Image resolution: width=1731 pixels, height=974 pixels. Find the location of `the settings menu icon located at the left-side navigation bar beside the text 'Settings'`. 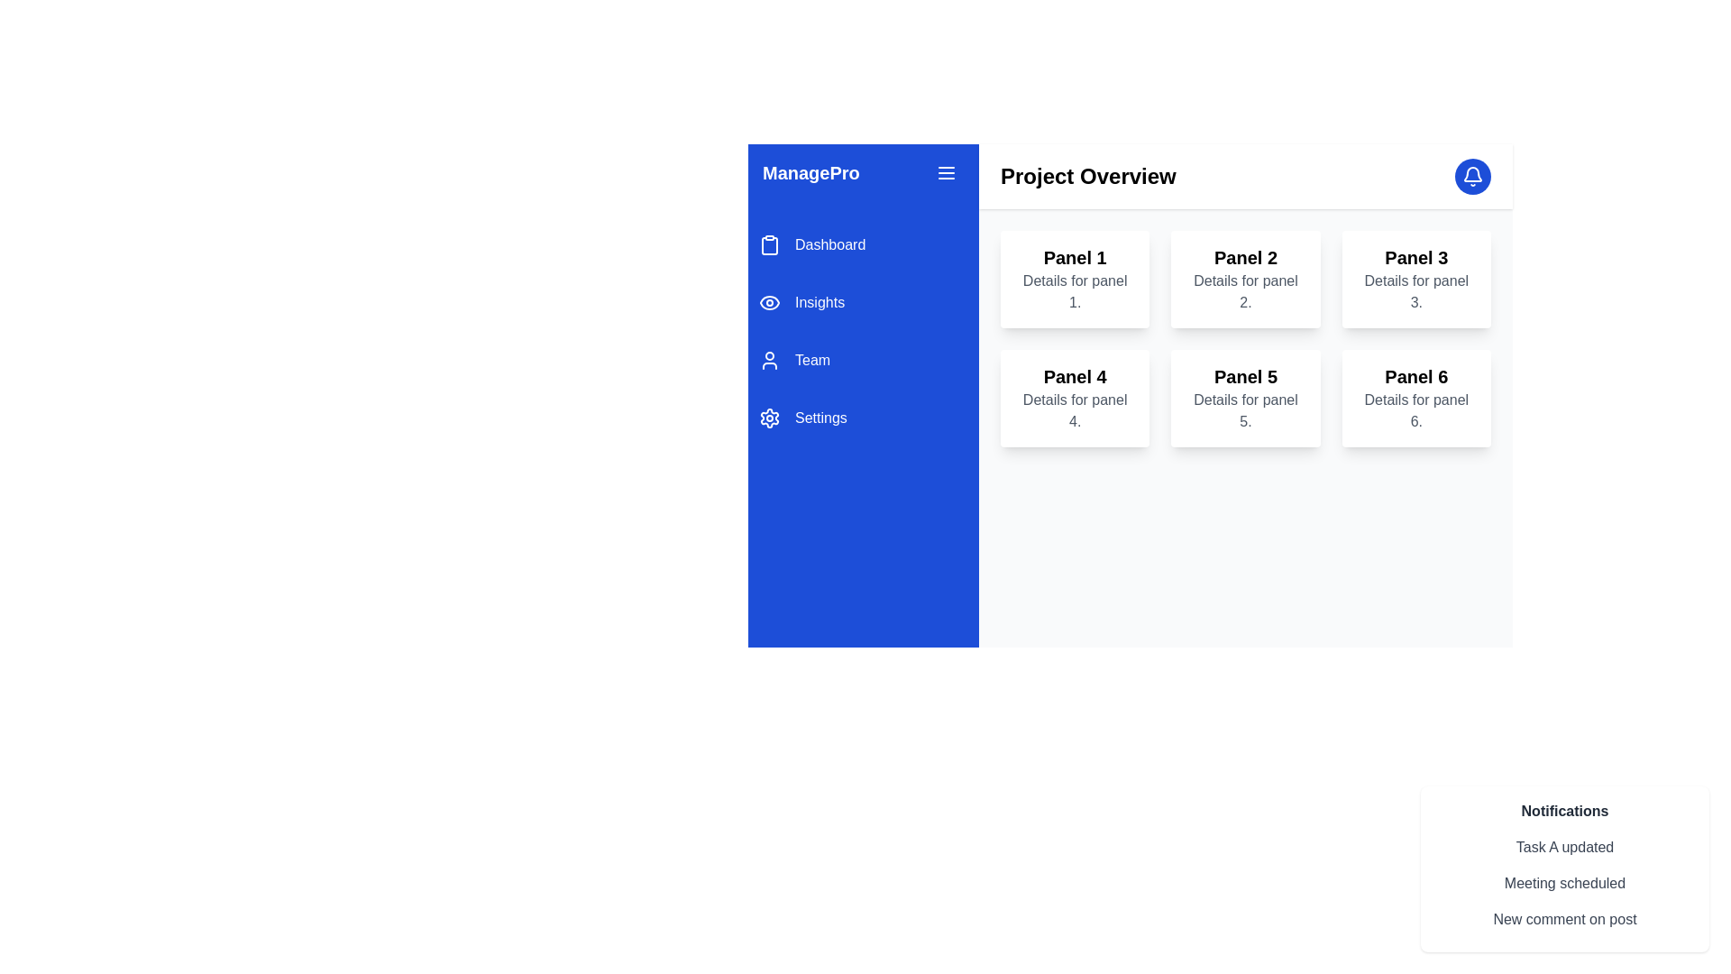

the settings menu icon located at the left-side navigation bar beside the text 'Settings' is located at coordinates (770, 418).